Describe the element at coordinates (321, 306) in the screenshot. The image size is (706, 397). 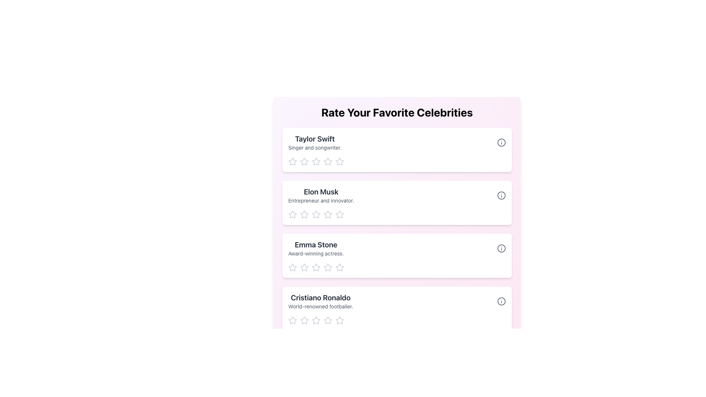
I see `the Text Label that contains the text 'World-renowned footballer.' which is styled with a smaller font size and gray color, located directly below 'Cristiano Ronaldo' in the last entry of the vertical list` at that location.